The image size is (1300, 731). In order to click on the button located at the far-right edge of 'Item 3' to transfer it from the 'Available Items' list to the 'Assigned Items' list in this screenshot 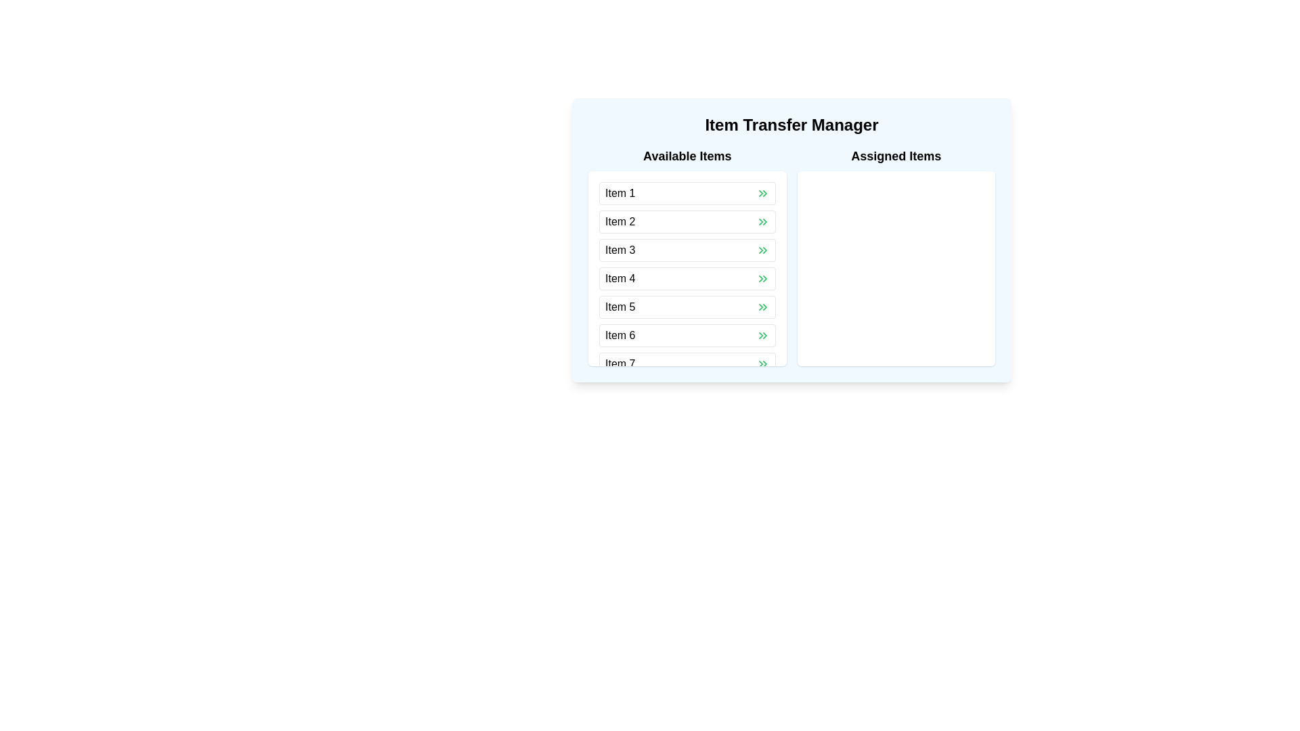, I will do `click(762, 250)`.